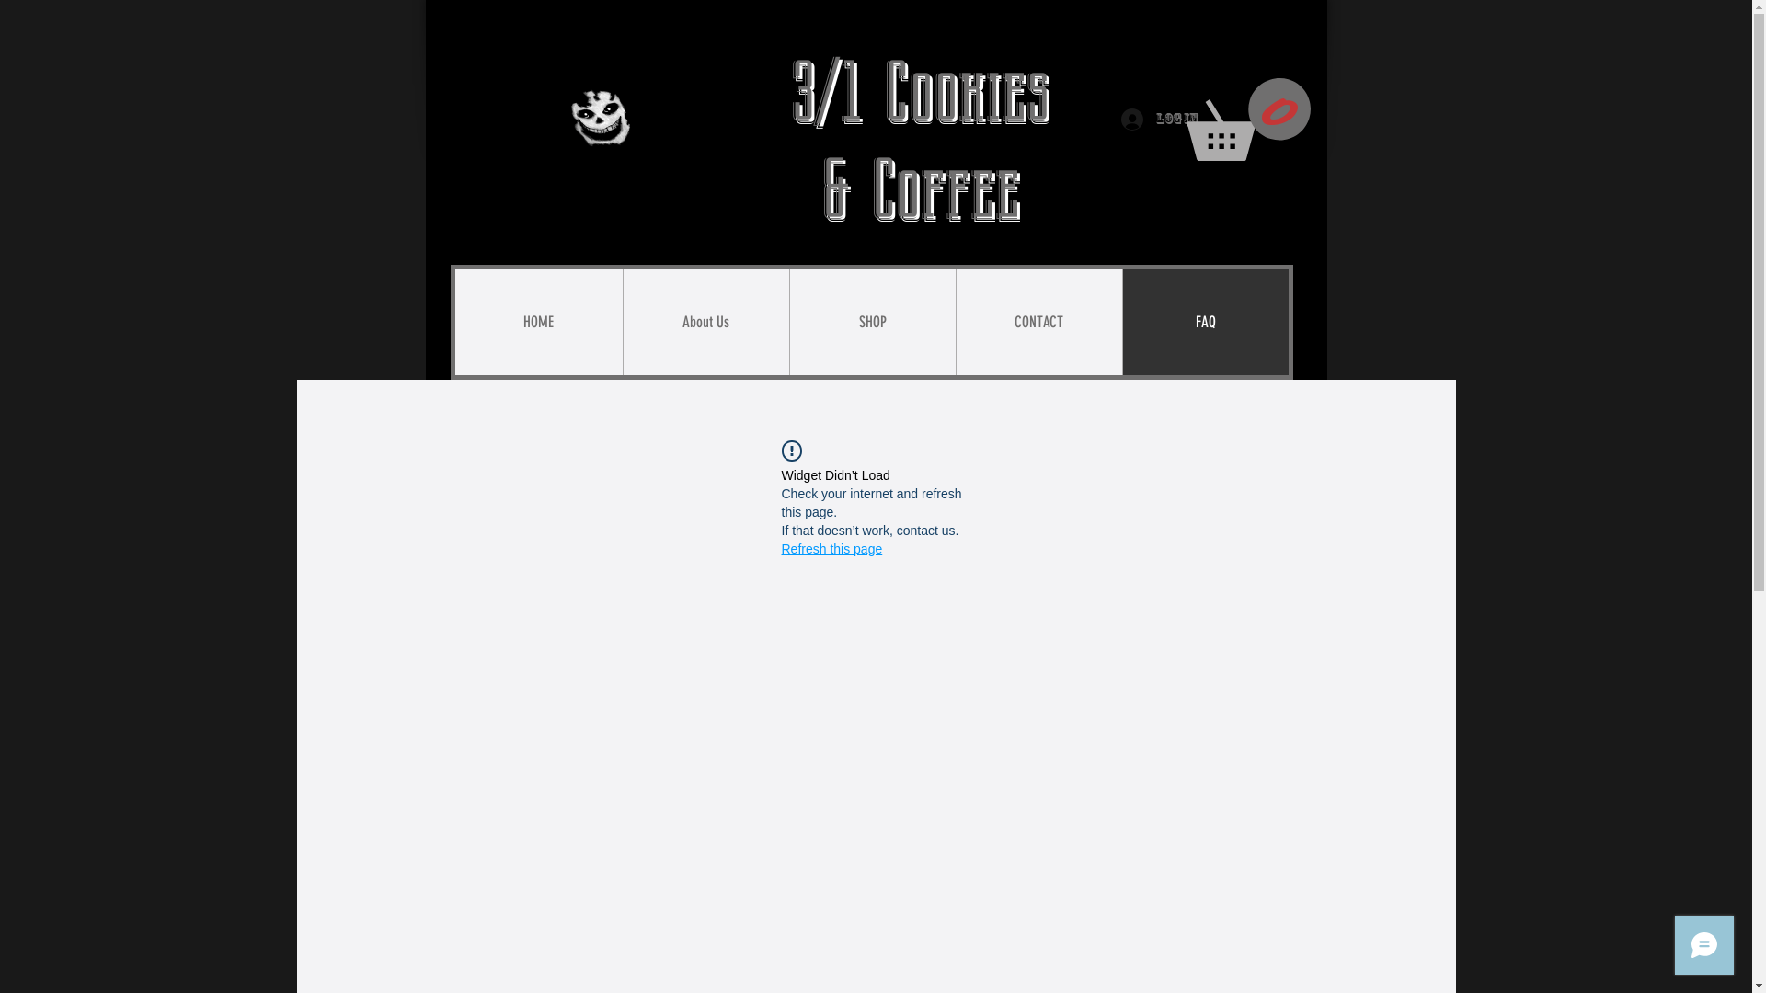 This screenshot has width=1766, height=993. Describe the element at coordinates (871, 321) in the screenshot. I see `'SHOP'` at that location.